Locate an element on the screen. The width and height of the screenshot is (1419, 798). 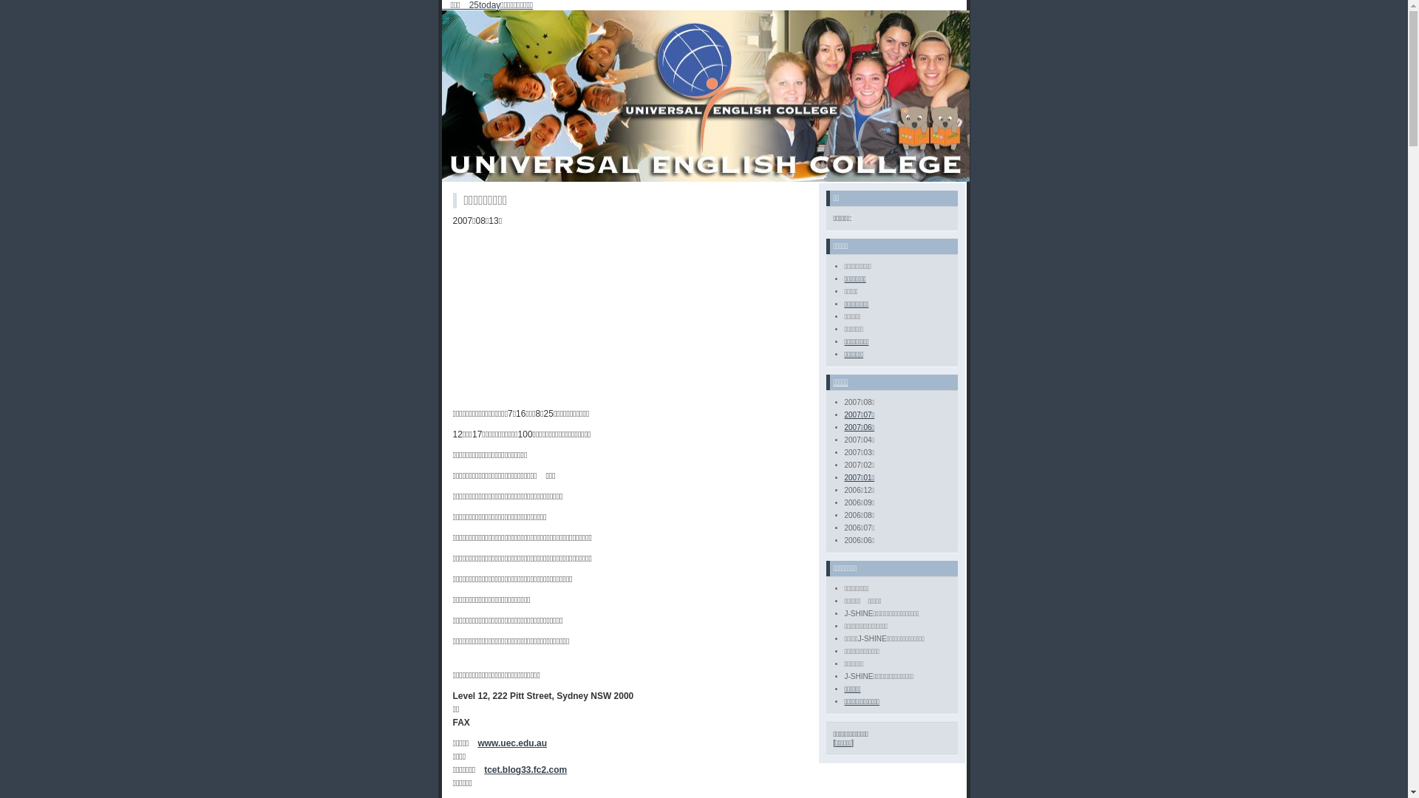
'www.uec.edu.au' is located at coordinates (511, 743).